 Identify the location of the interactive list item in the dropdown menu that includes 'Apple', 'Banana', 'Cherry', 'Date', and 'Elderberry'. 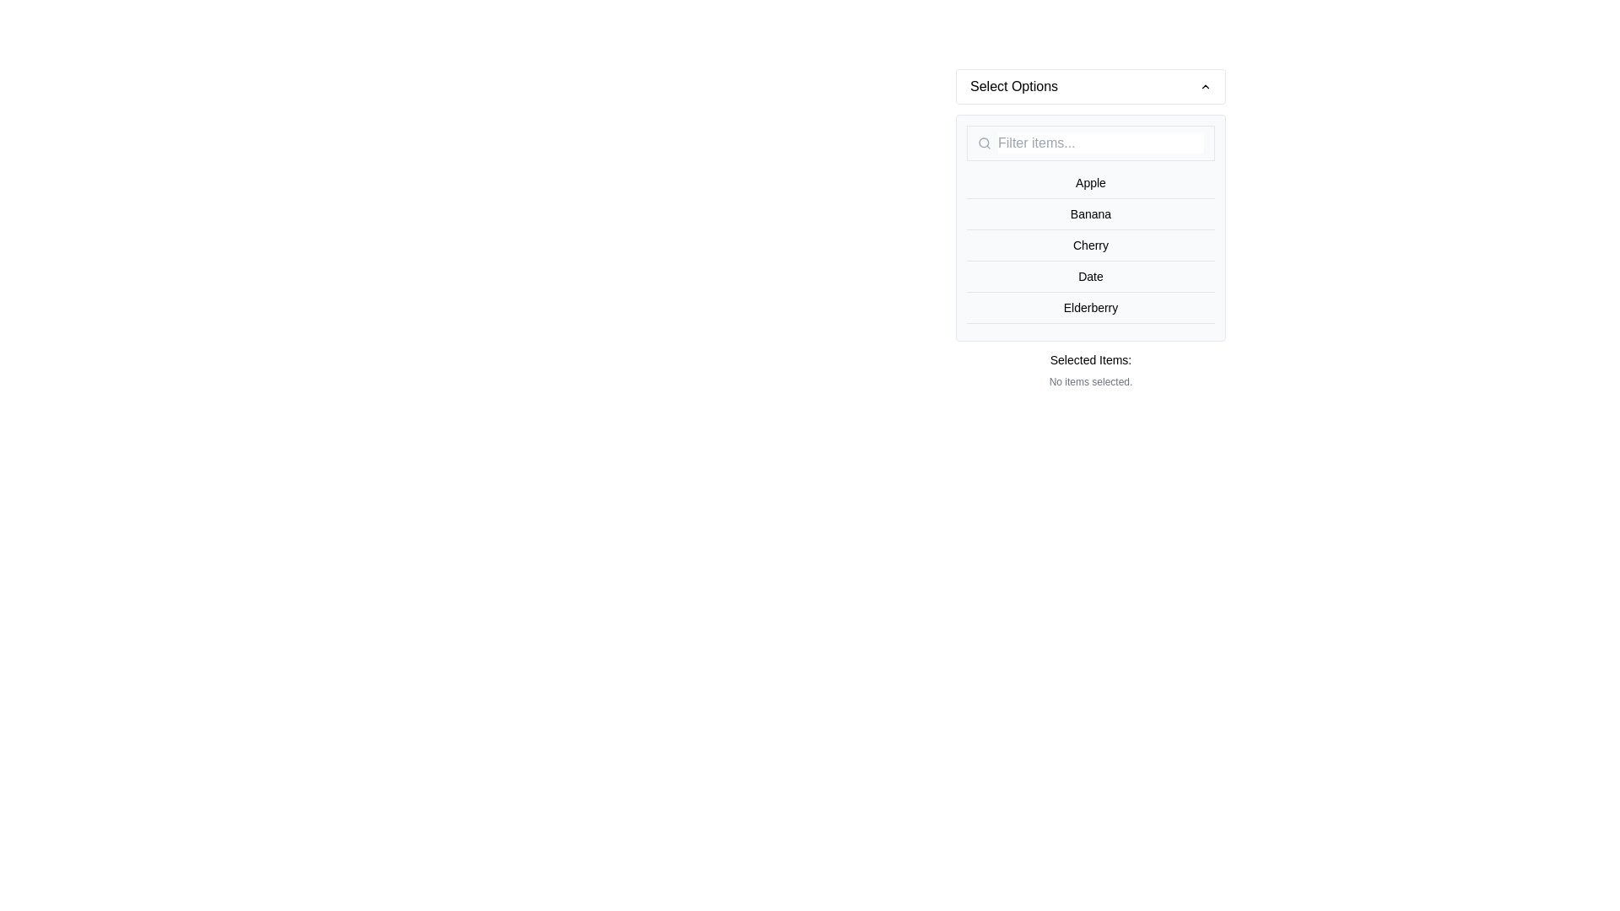
(1090, 245).